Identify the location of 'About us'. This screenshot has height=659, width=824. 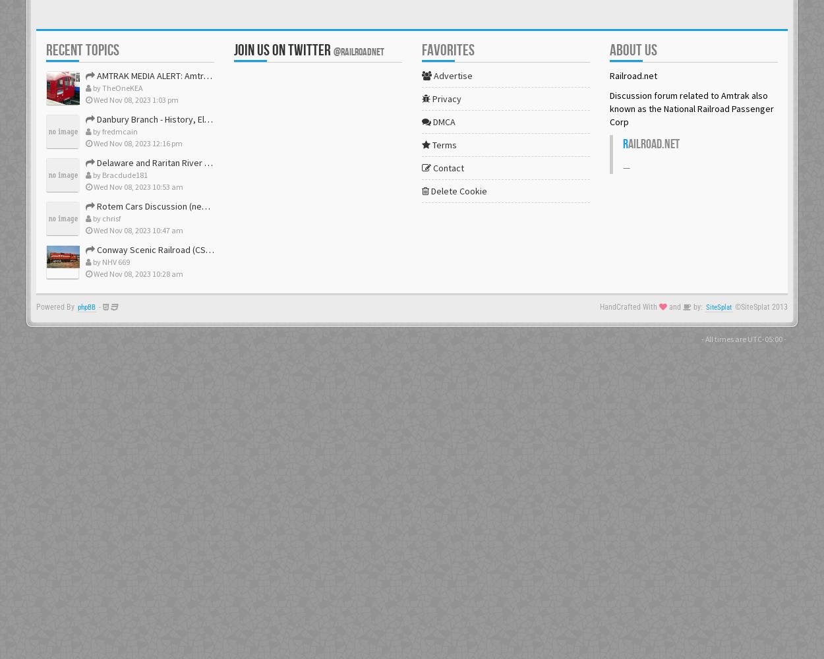
(633, 49).